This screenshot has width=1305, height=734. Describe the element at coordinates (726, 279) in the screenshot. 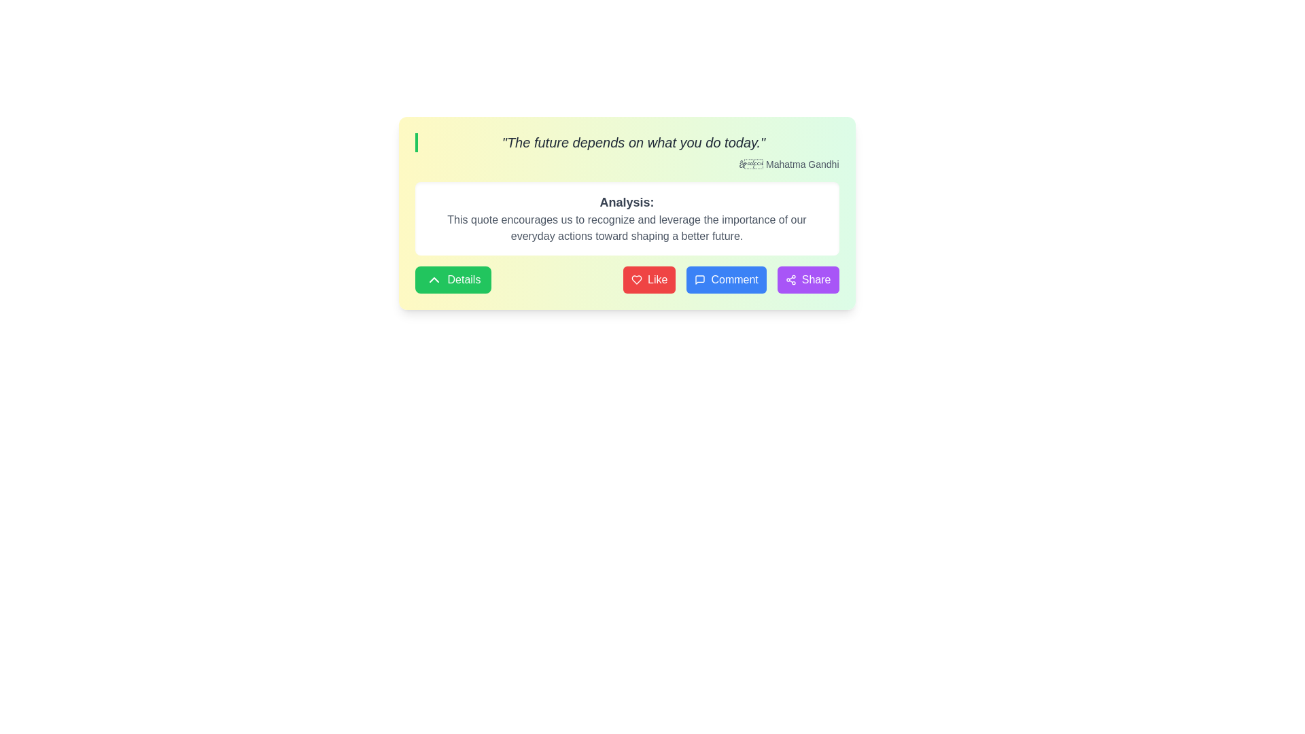

I see `the blue 'Comment' button with white text and a speech bubble icon, which is the third button in a row of interactive buttons at the bottom of a card interface` at that location.